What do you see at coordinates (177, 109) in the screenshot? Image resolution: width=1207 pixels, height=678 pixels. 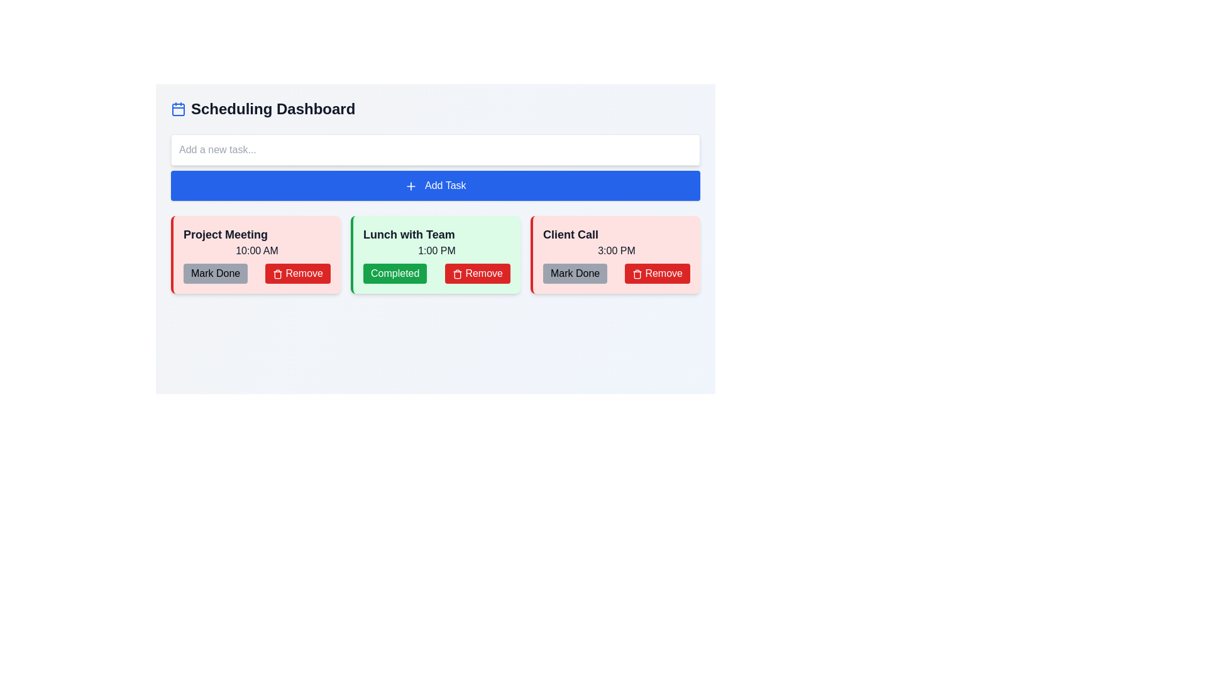 I see `the graphical shape representing the body of the SVG calendar icon, located near the top-left corner of the interface, above the 'Scheduling Dashboard' heading` at bounding box center [177, 109].